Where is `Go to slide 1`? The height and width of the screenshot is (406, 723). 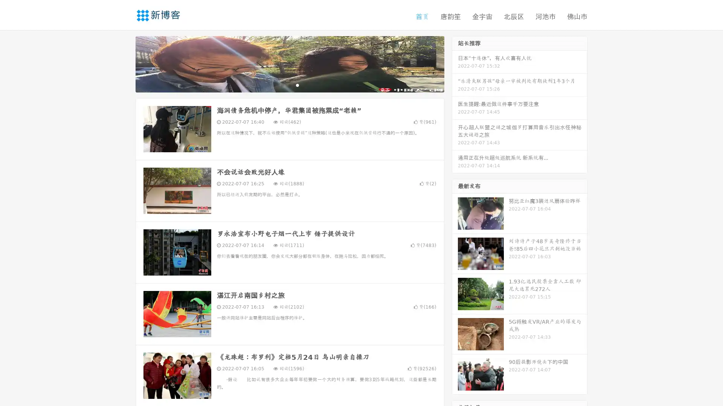 Go to slide 1 is located at coordinates (282, 85).